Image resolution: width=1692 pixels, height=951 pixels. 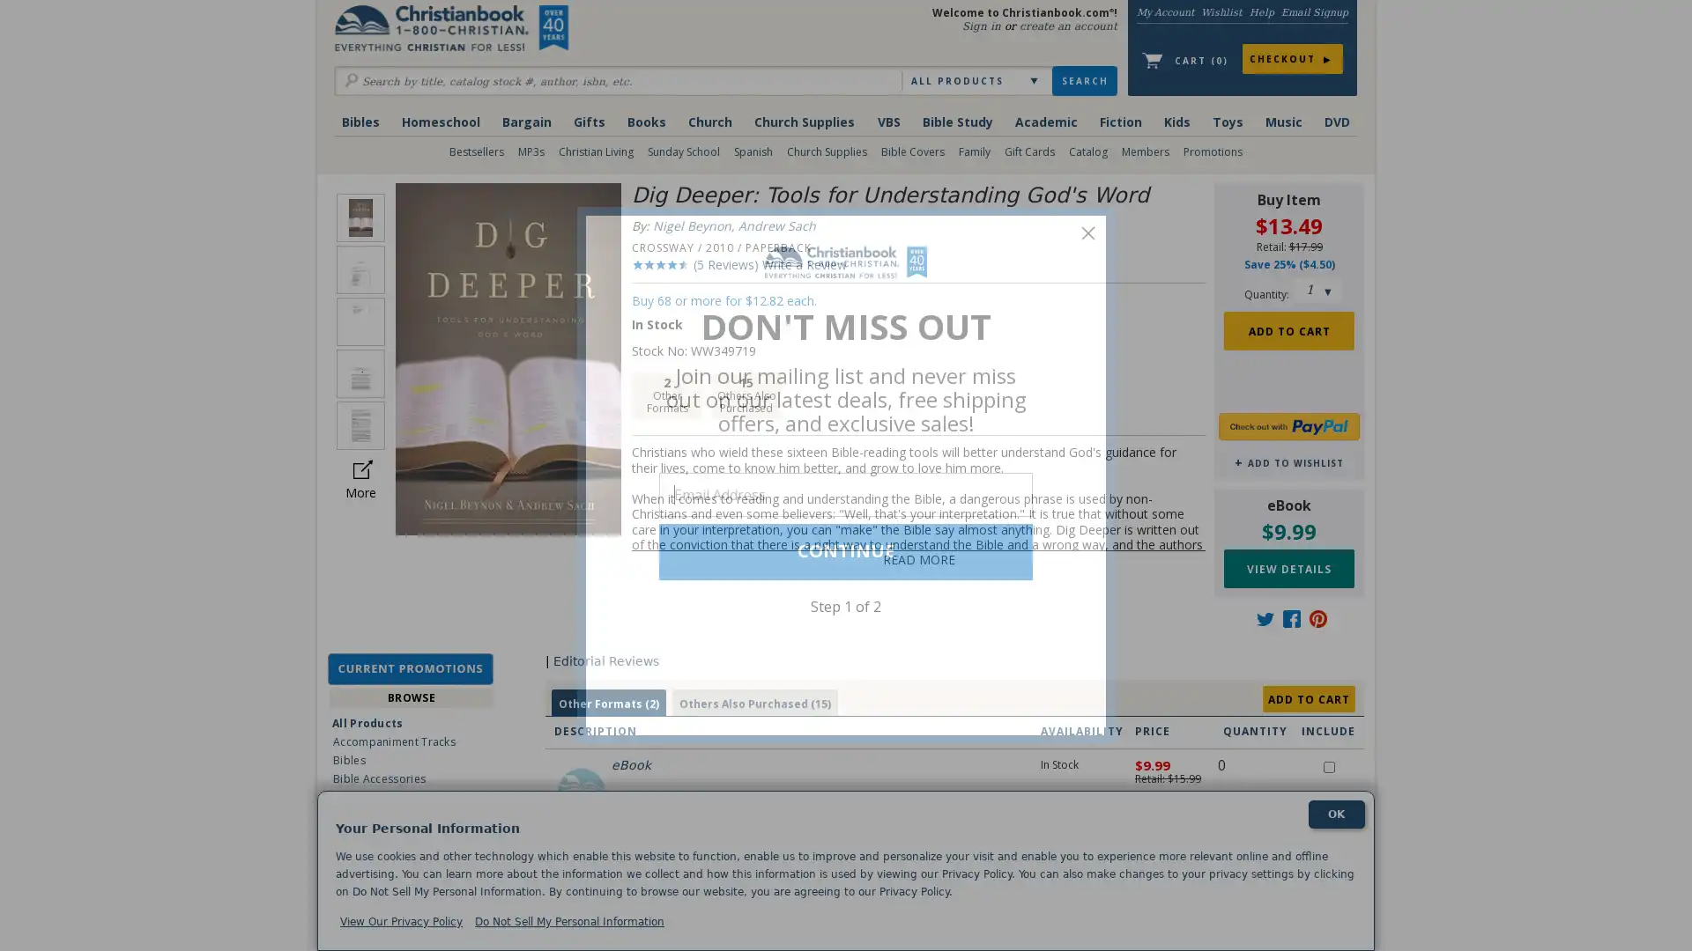 I want to click on Add To Cart, so click(x=1288, y=329).